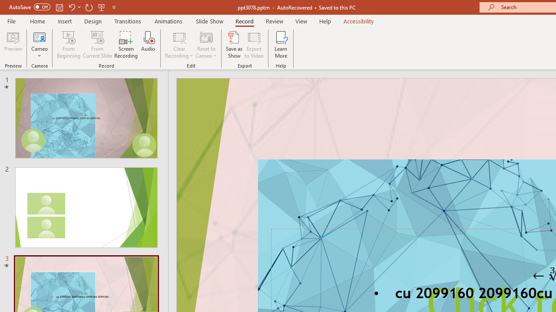 This screenshot has width=556, height=312. What do you see at coordinates (209, 21) in the screenshot?
I see `'Slide Show'` at bounding box center [209, 21].